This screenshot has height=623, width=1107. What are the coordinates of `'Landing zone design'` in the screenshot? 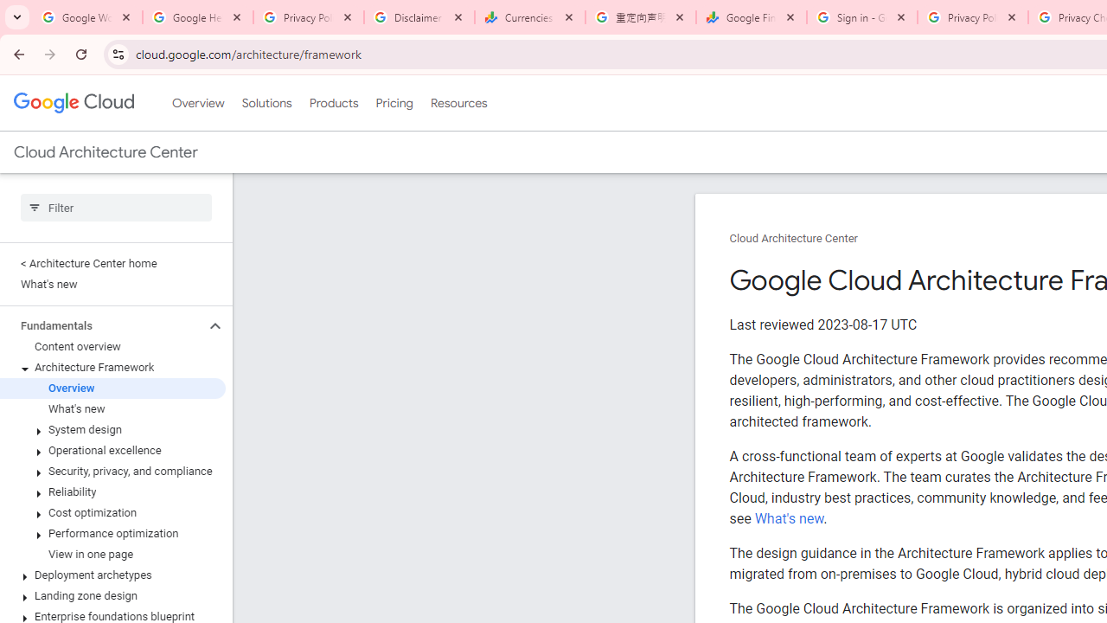 It's located at (112, 595).